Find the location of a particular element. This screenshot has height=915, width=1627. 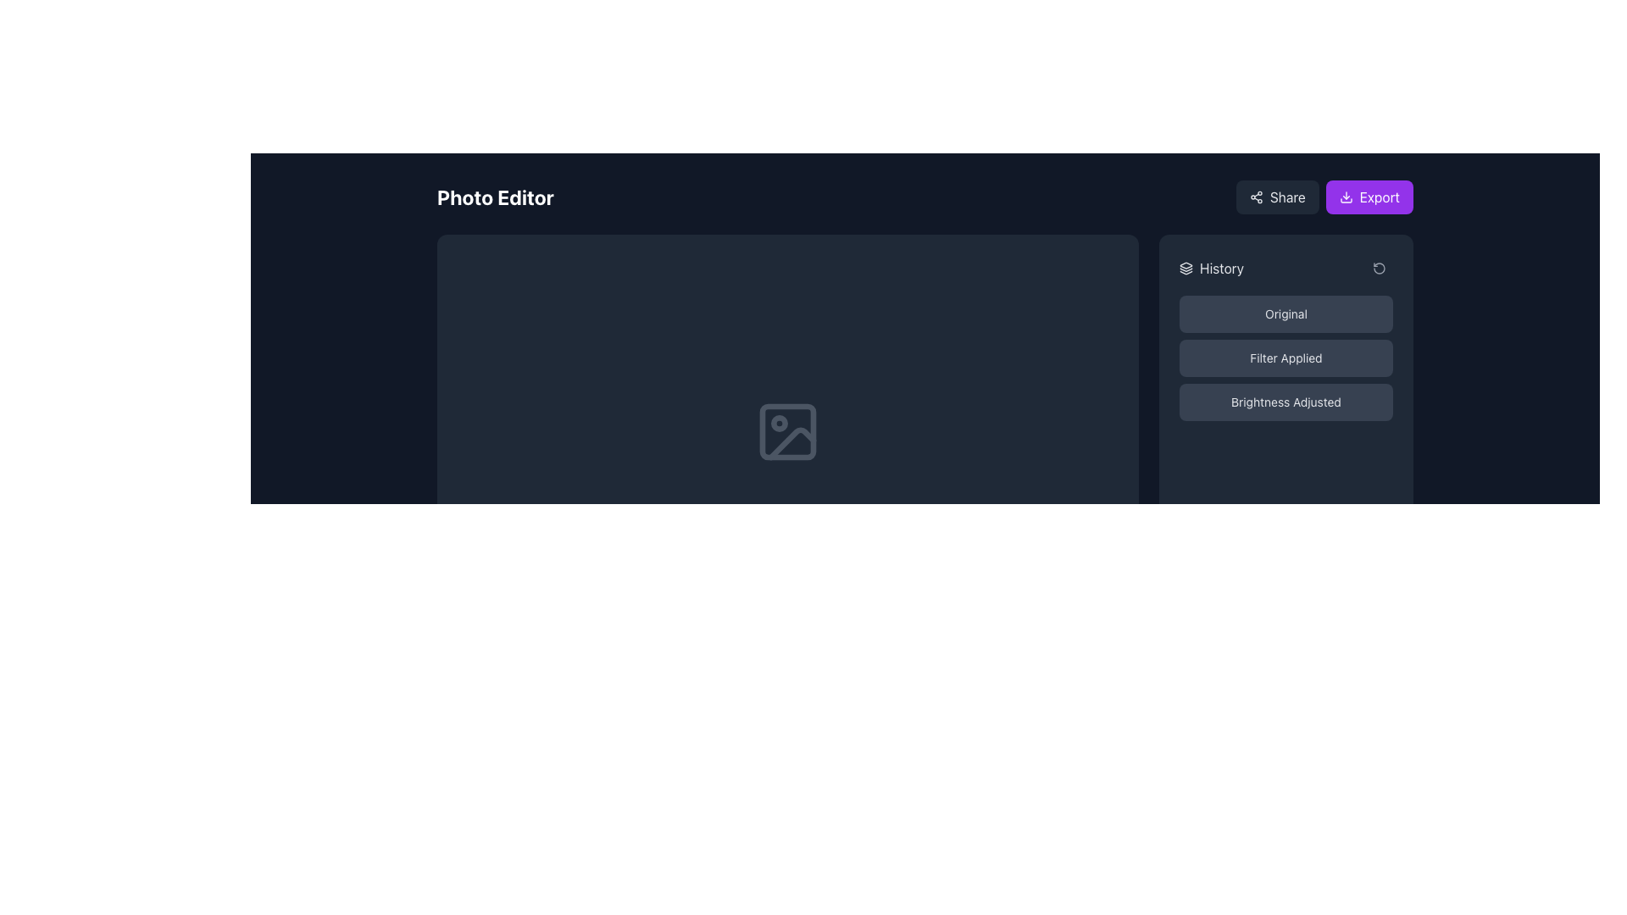

the 'Filter Applied' button, which is a rectangular button with light gray text on a dark gray background, positioned under the 'History' panel as the second button in a vertical list is located at coordinates (1285, 358).